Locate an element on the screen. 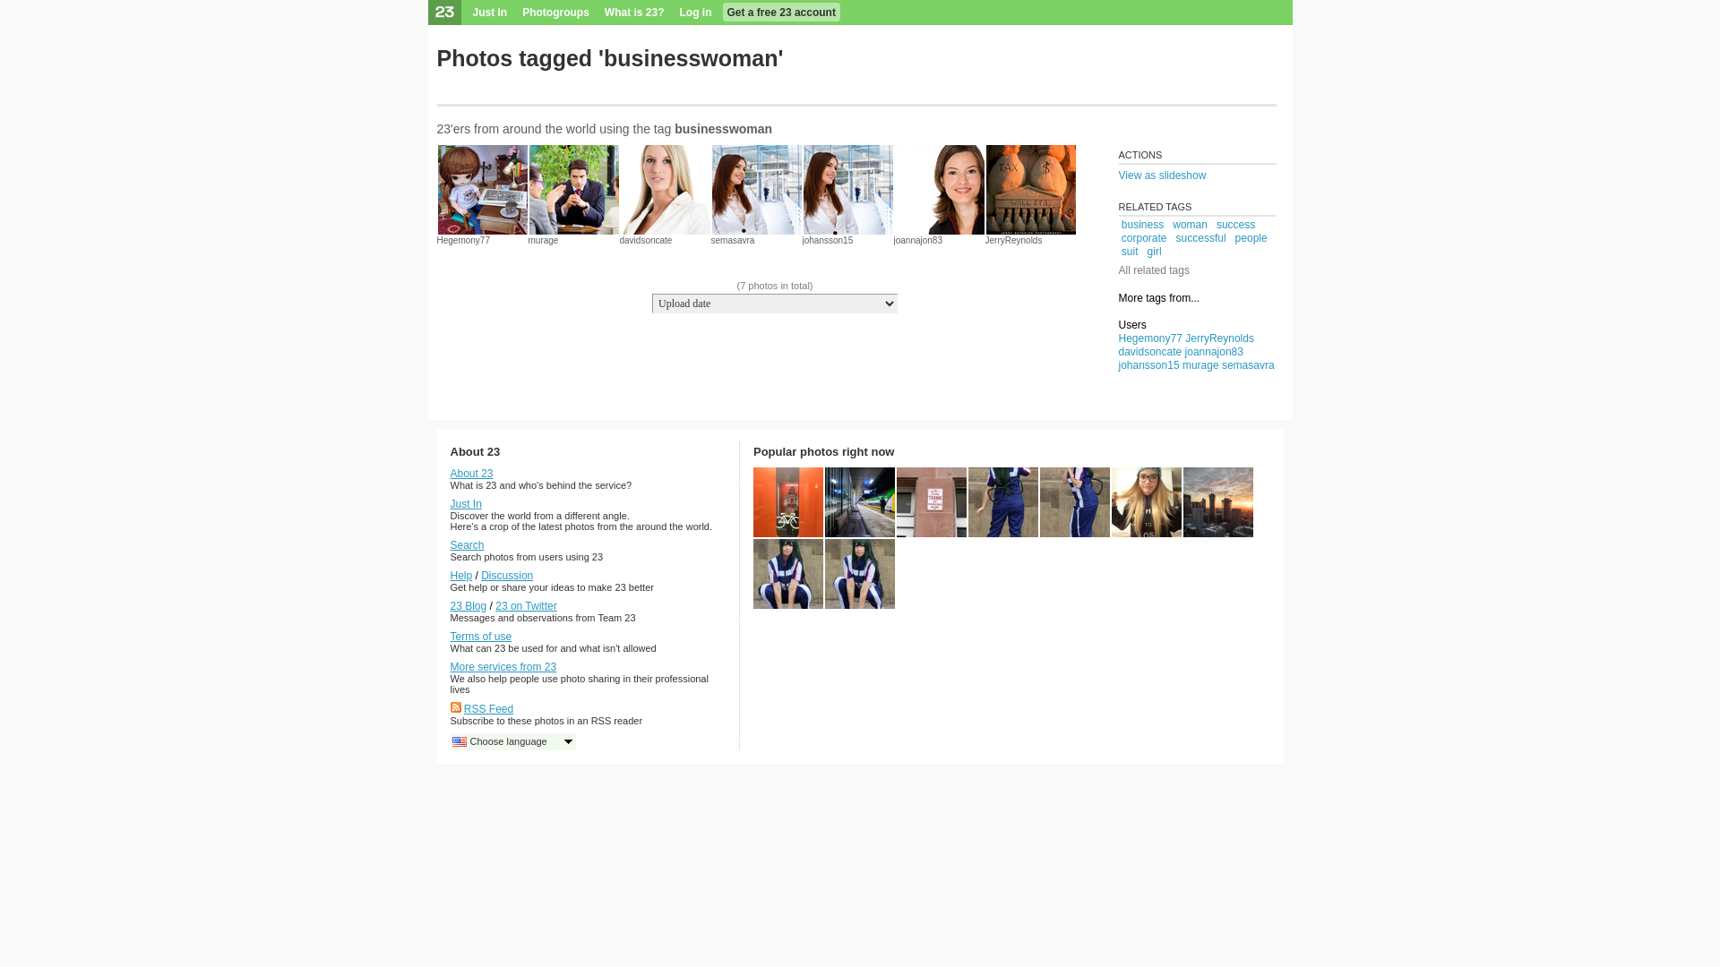 Image resolution: width=1720 pixels, height=967 pixels. 'business' is located at coordinates (1121, 223).